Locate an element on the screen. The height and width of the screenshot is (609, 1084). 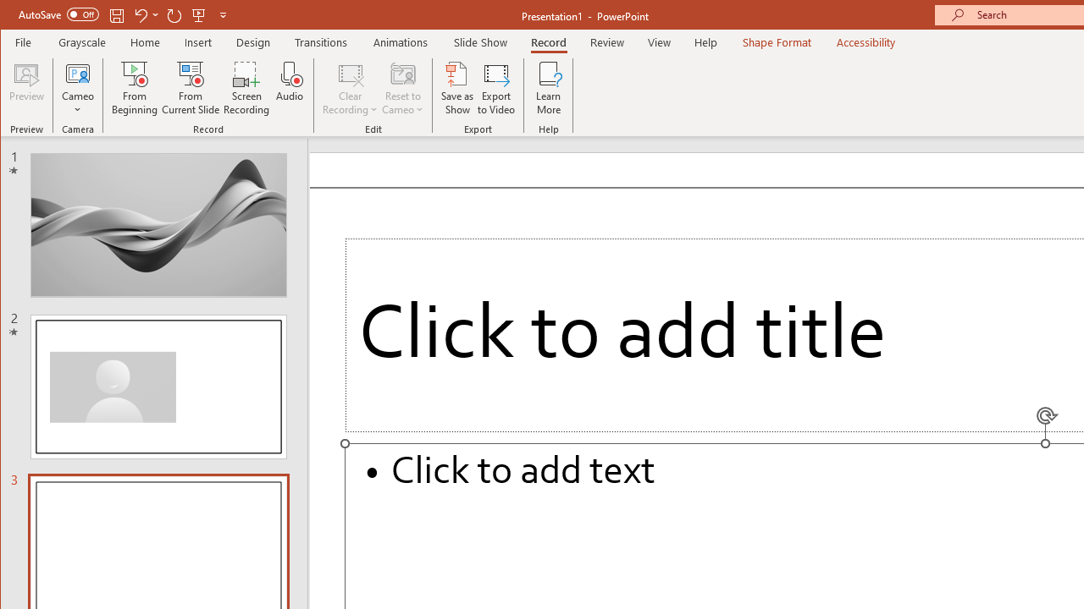
'Audio' is located at coordinates (290, 88).